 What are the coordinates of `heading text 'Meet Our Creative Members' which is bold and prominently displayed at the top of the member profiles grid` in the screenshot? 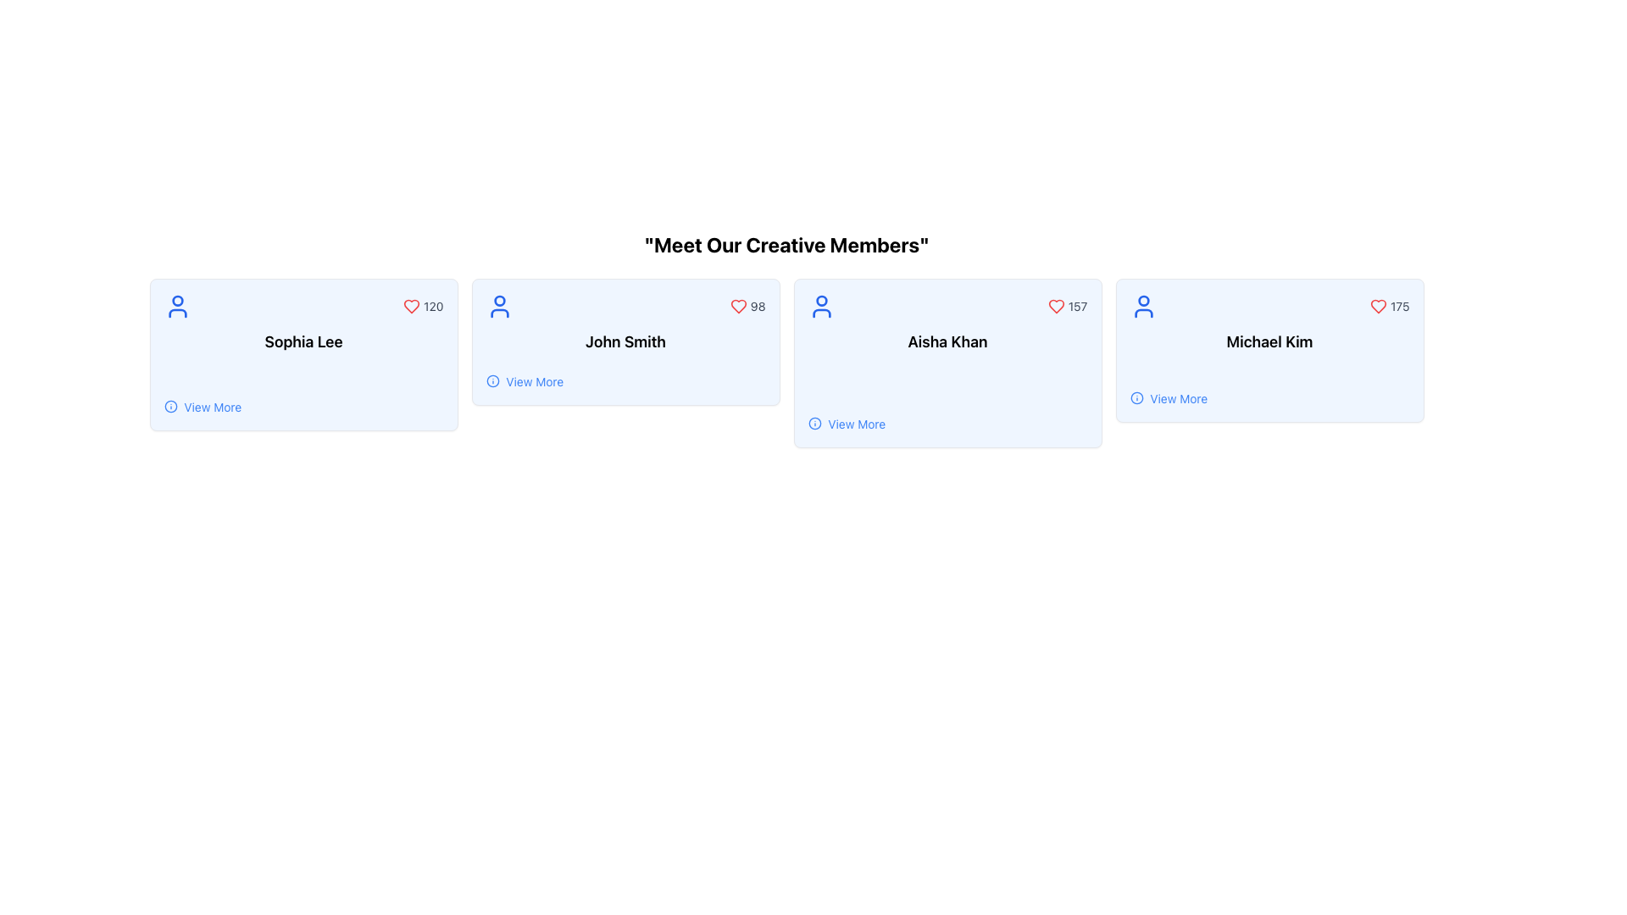 It's located at (786, 245).